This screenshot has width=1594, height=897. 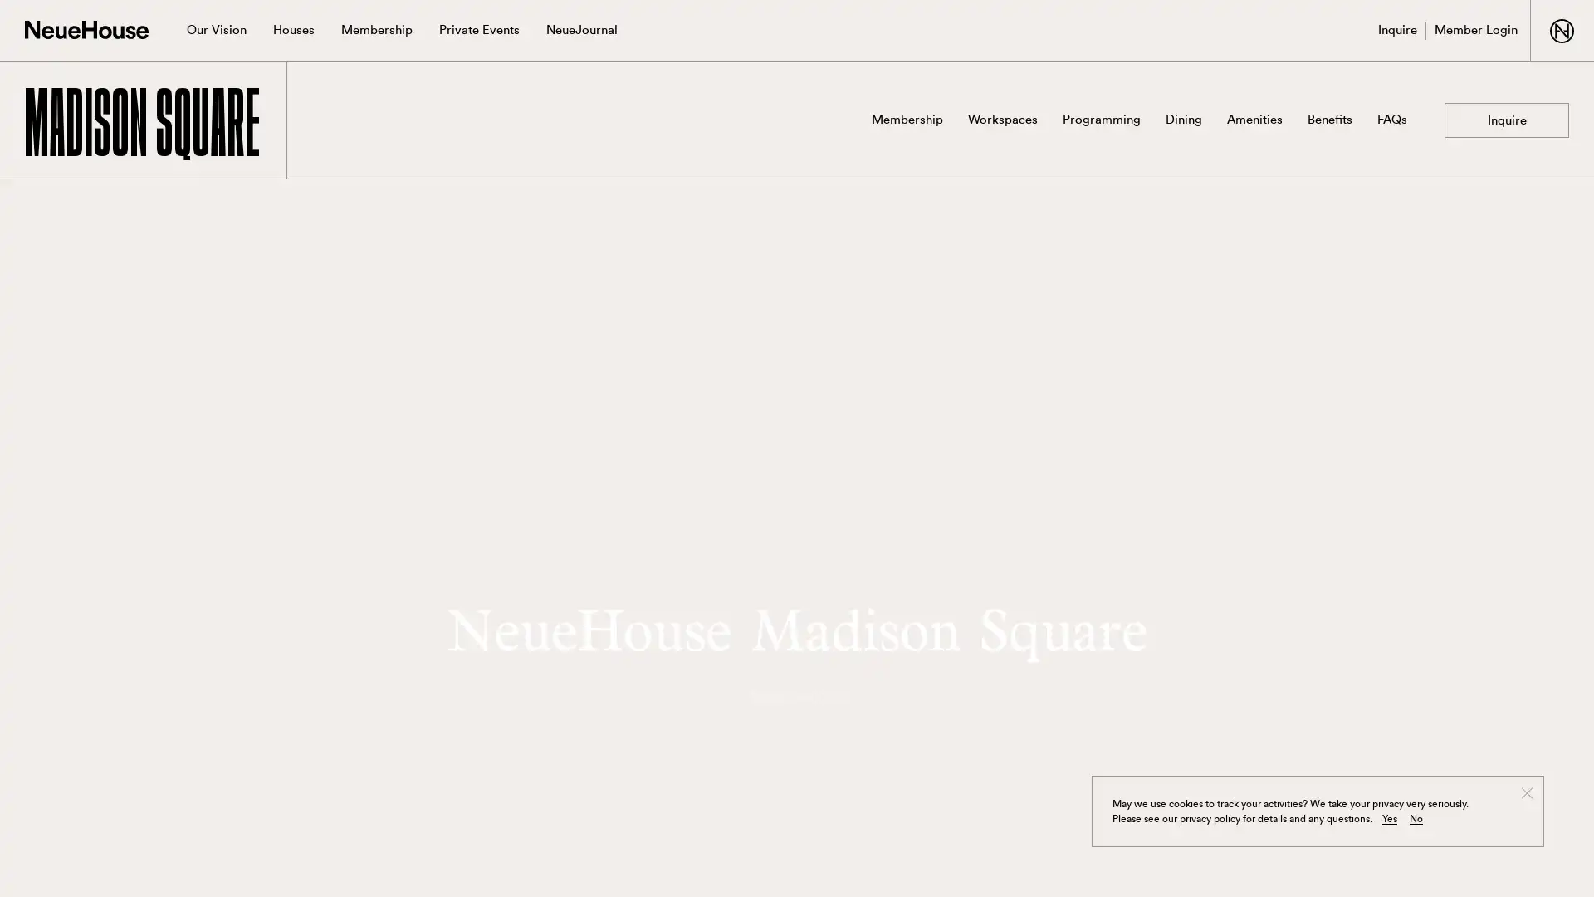 What do you see at coordinates (1475, 31) in the screenshot?
I see `Member Login` at bounding box center [1475, 31].